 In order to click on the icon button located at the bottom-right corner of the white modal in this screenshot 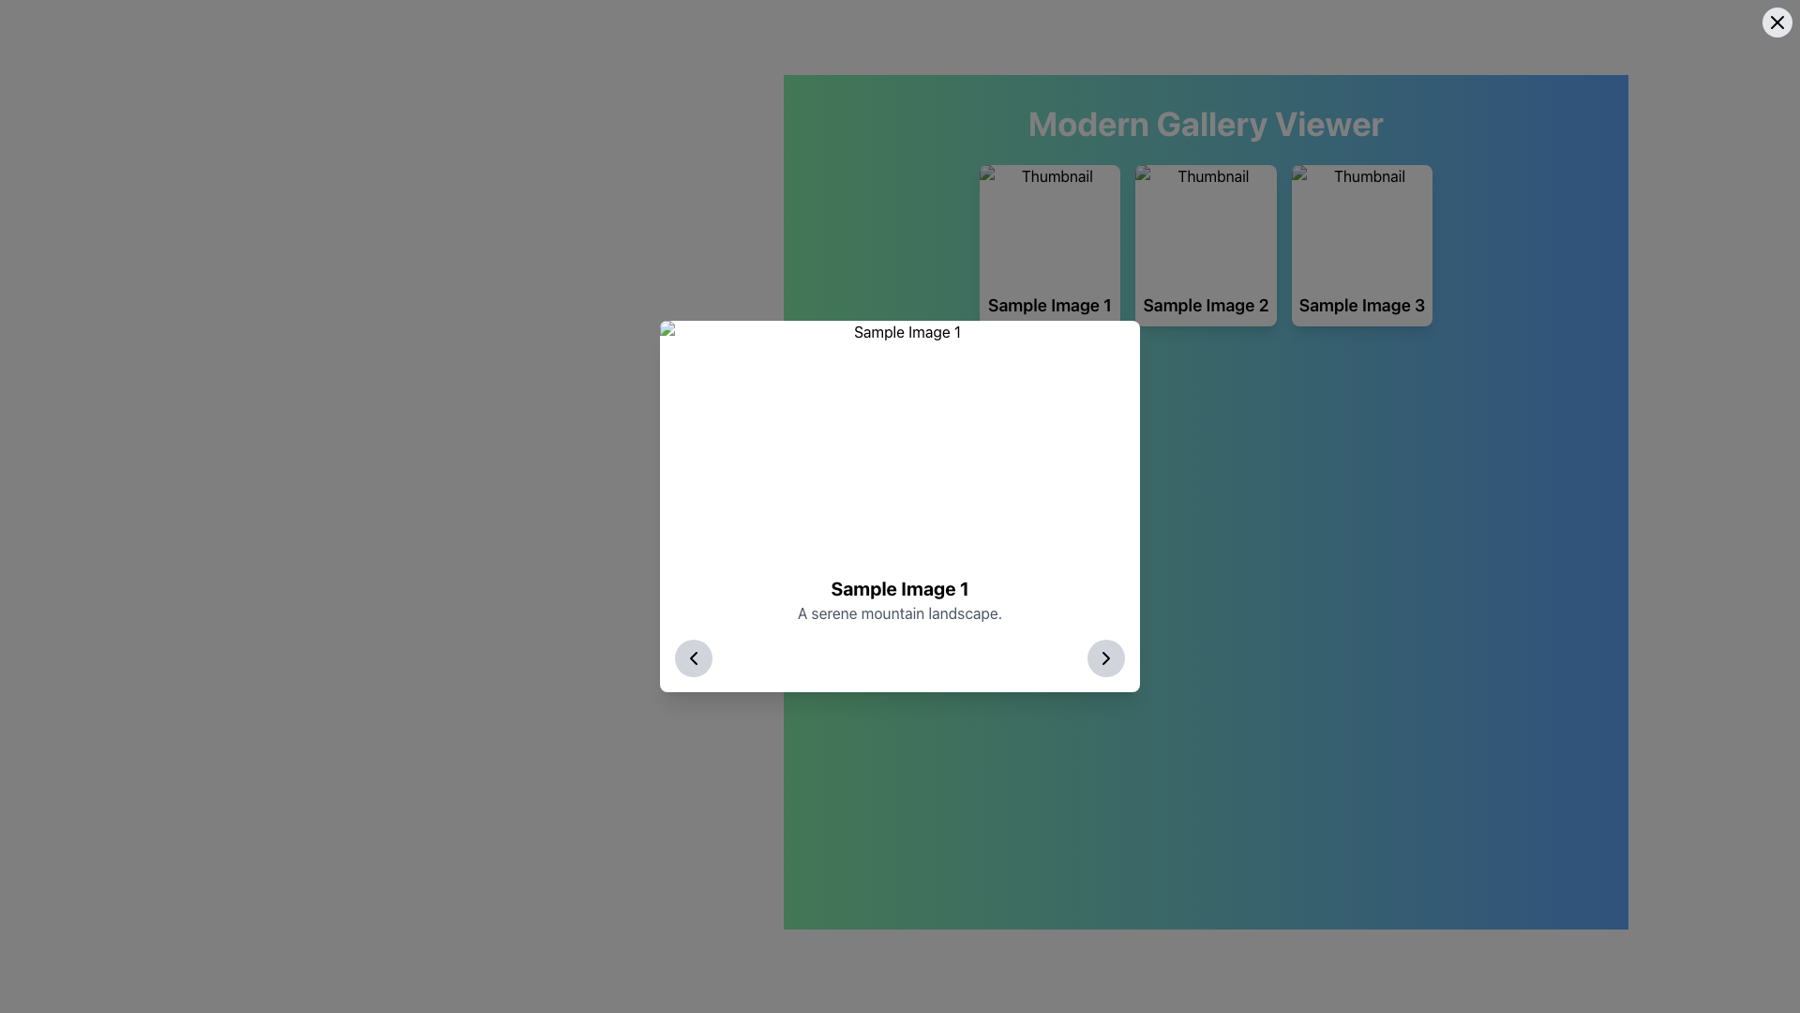, I will do `click(1106, 658)`.